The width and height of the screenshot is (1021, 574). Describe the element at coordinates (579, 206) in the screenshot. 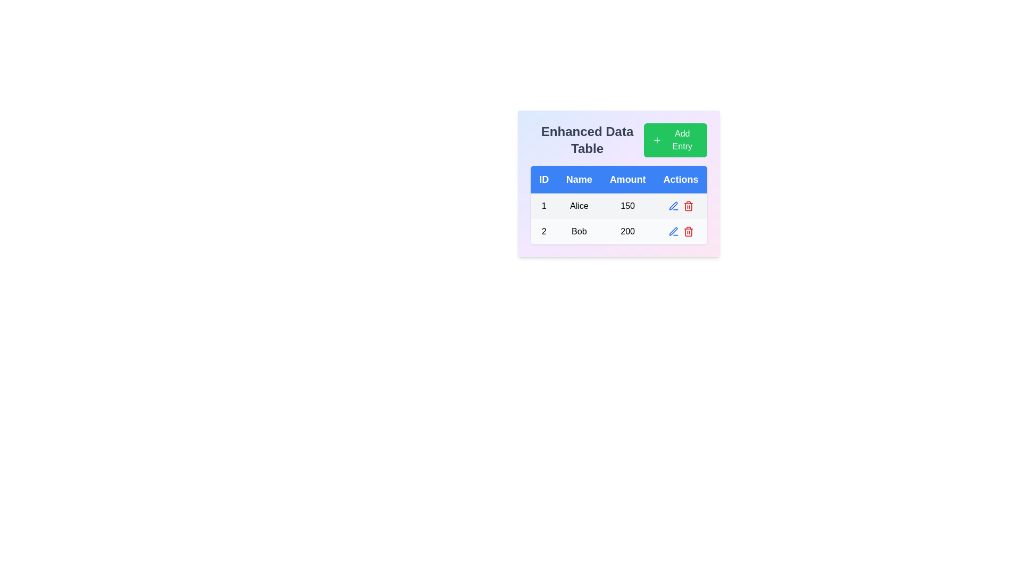

I see `the text label displaying 'Alice' in the 'Name' column of the table, positioned between ID '1' and amount '150'` at that location.